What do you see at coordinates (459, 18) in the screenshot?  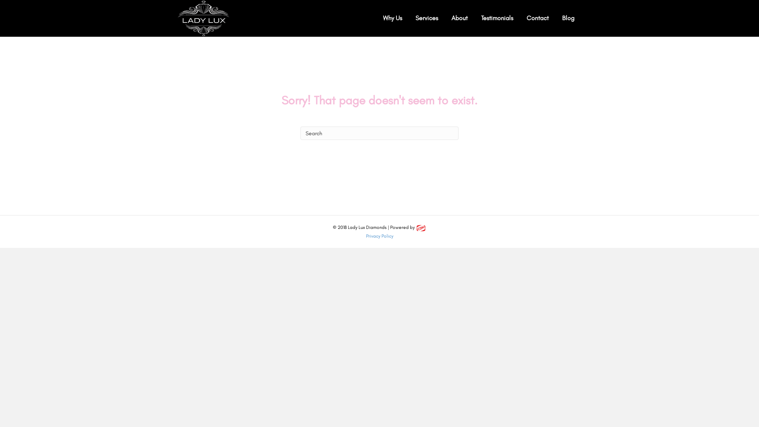 I see `'About'` at bounding box center [459, 18].